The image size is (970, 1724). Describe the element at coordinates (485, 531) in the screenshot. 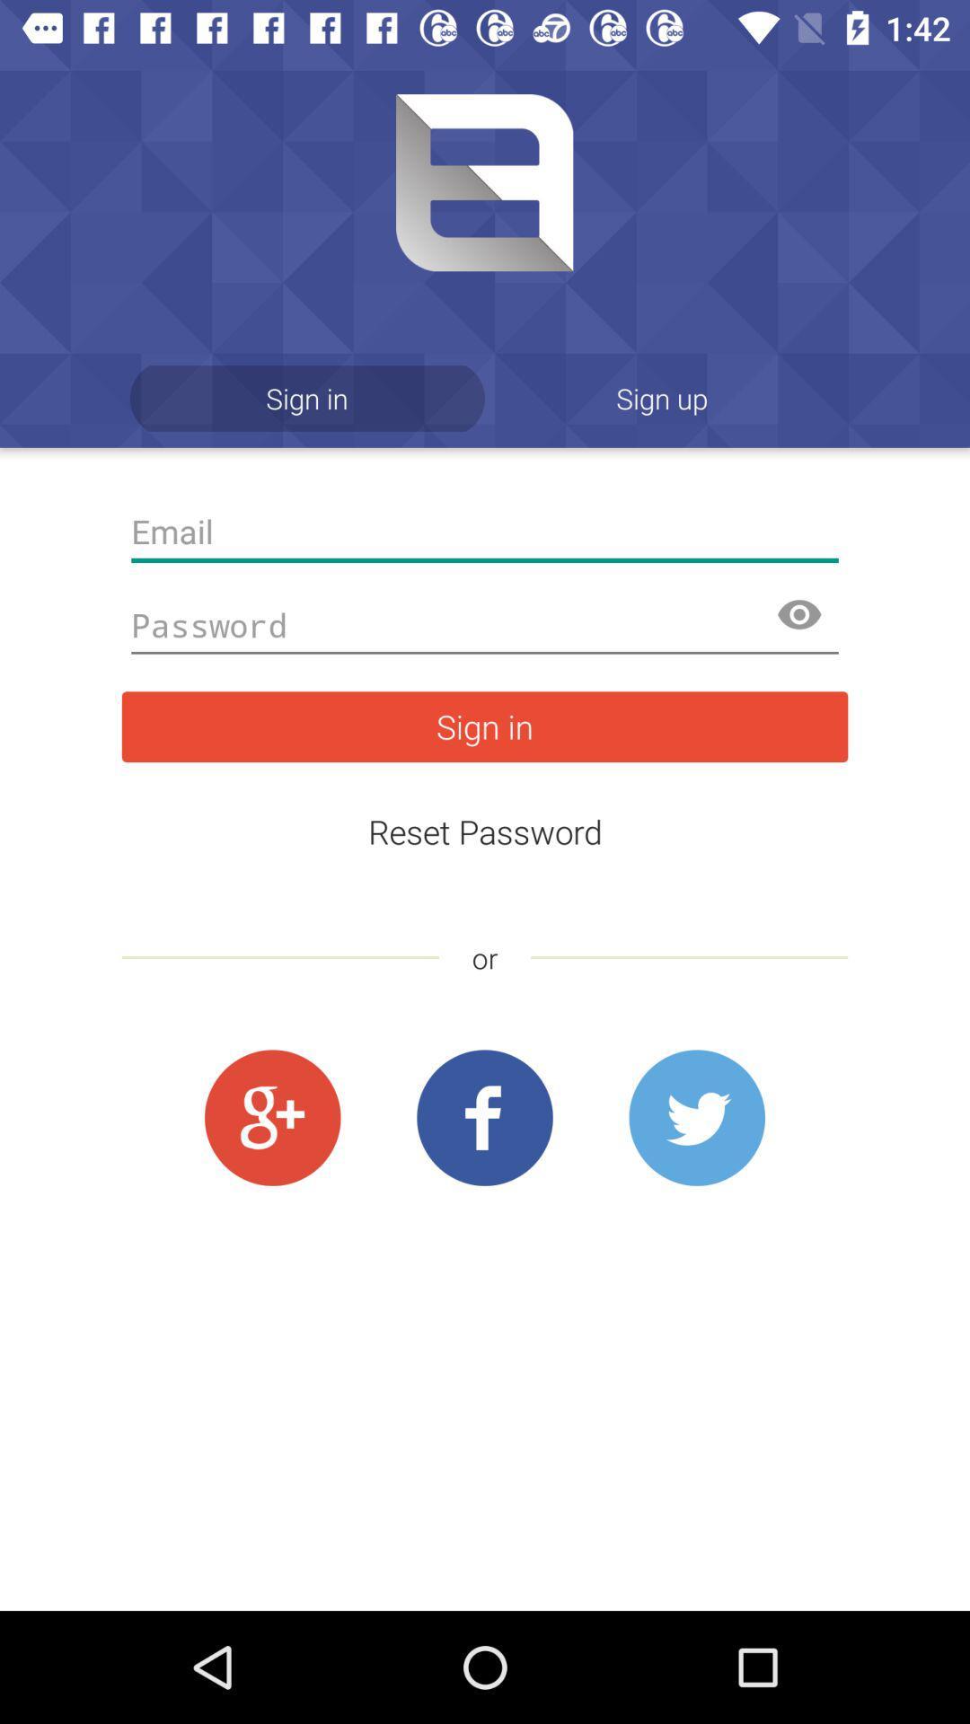

I see `the app below the sign in item` at that location.